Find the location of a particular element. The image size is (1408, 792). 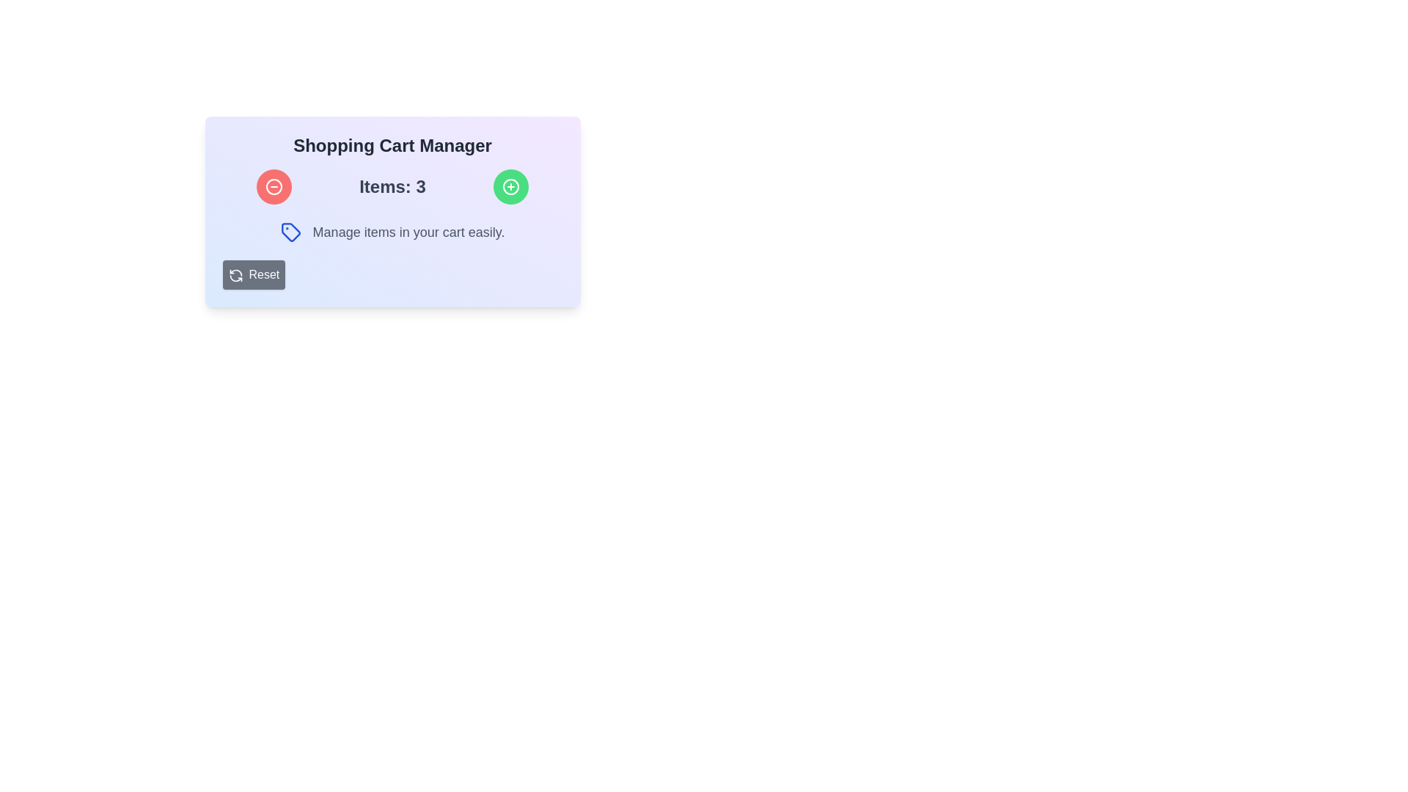

the reset icon within the 'Reset' button located in the bottom-left region of the 'Shopping Cart Manager' card to initiate a reset action is located at coordinates (235, 275).